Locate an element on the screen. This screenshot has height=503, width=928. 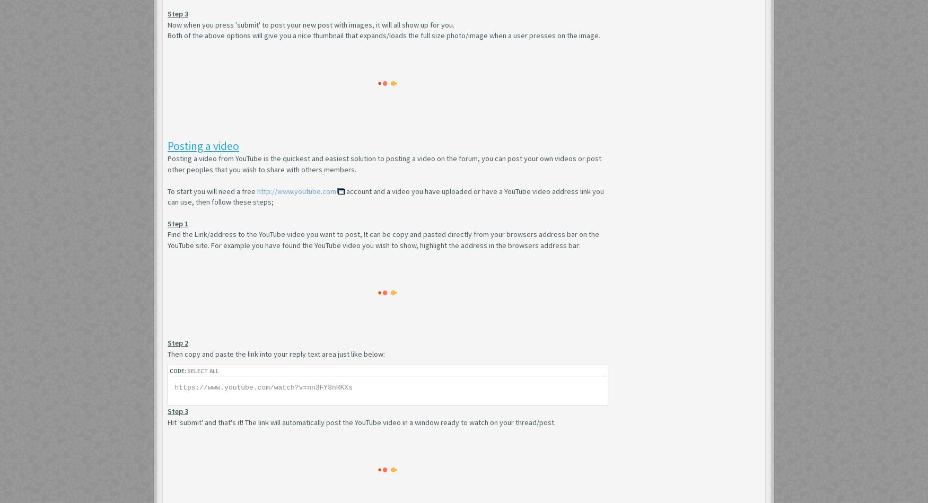
'Step 1' is located at coordinates (168, 223).